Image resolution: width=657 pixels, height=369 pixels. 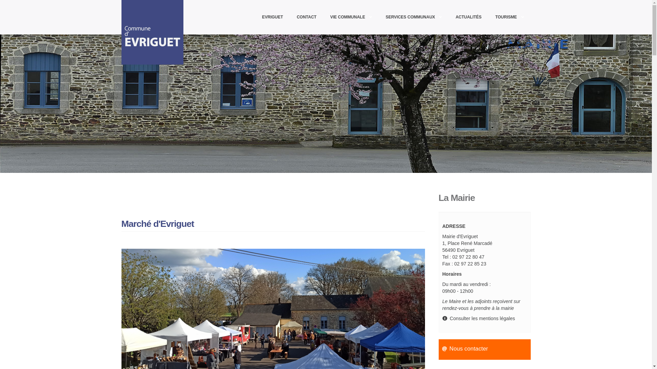 I want to click on 'Commune d'Evriguet', so click(x=156, y=32).